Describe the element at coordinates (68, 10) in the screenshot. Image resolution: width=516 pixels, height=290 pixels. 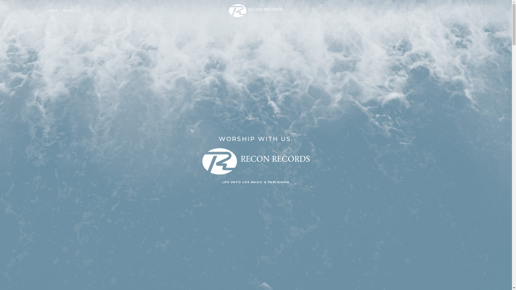
I see `'ABOUT'` at that location.